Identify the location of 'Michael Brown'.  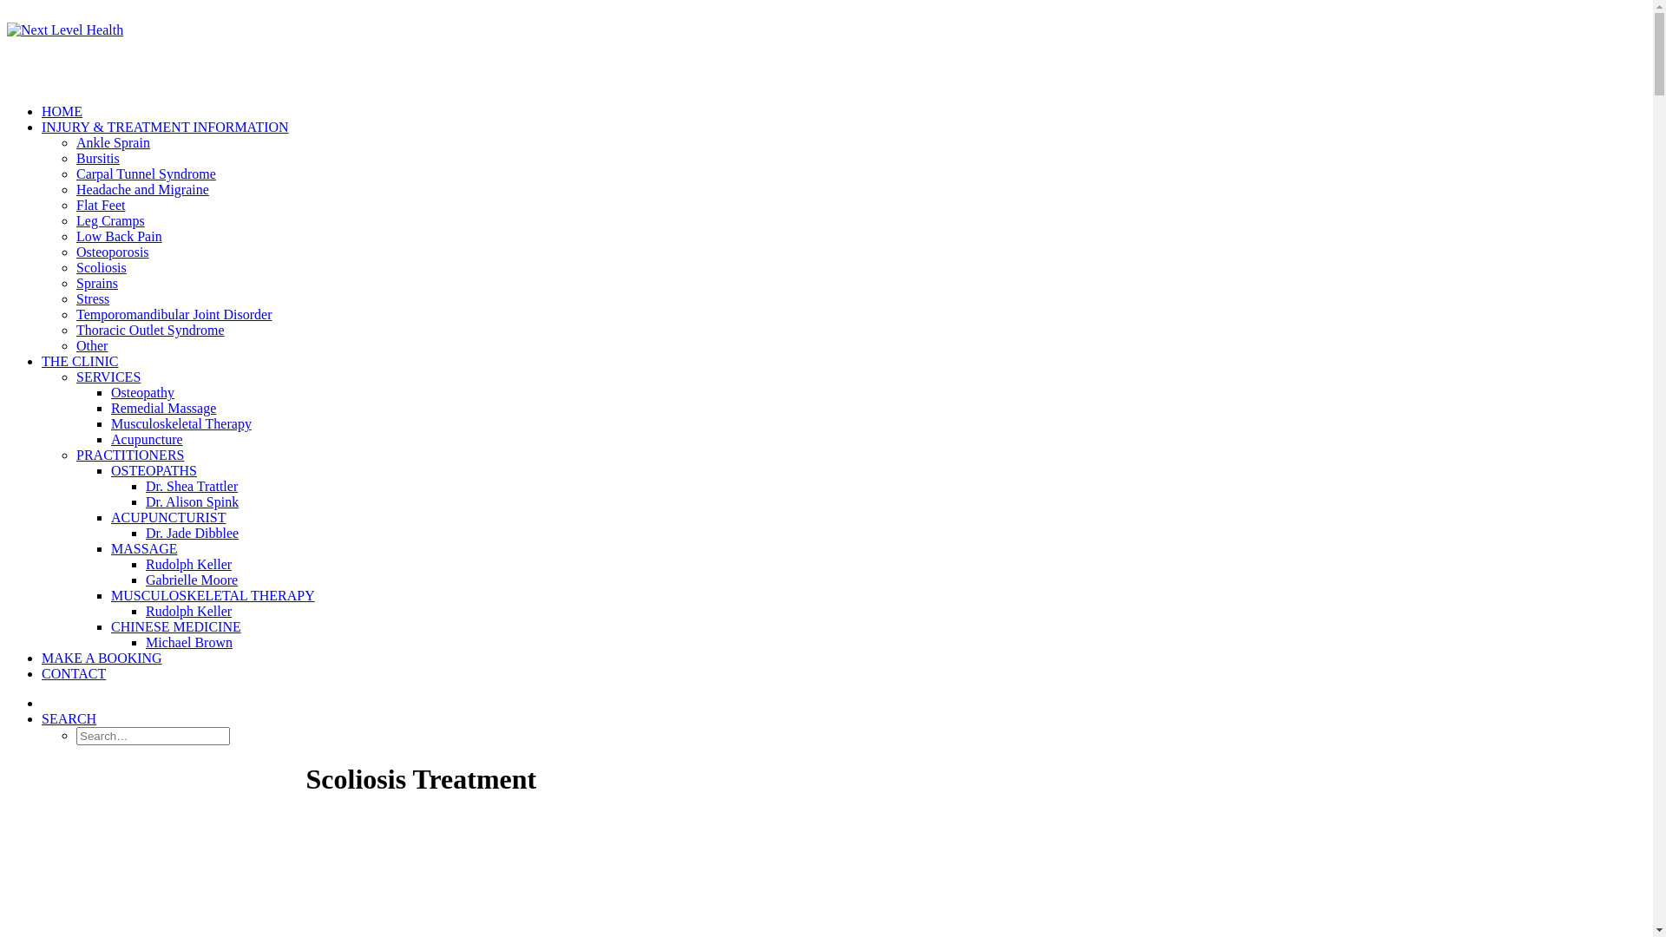
(188, 642).